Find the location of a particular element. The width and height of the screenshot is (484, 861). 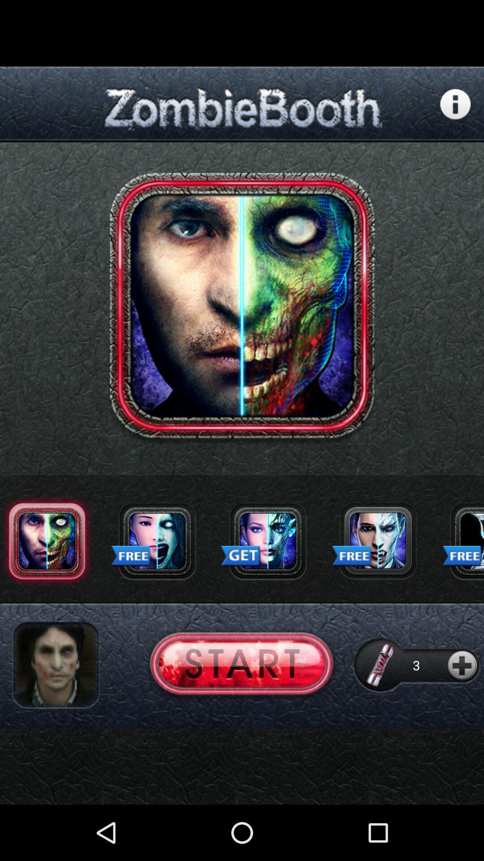

choose is located at coordinates (378, 540).